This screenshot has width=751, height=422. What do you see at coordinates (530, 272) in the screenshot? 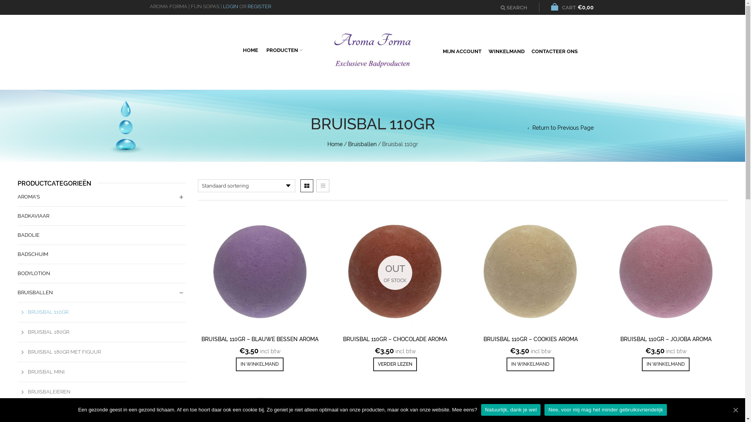
I see `'Bruisbal 110gr - Cookies aroma'` at bounding box center [530, 272].